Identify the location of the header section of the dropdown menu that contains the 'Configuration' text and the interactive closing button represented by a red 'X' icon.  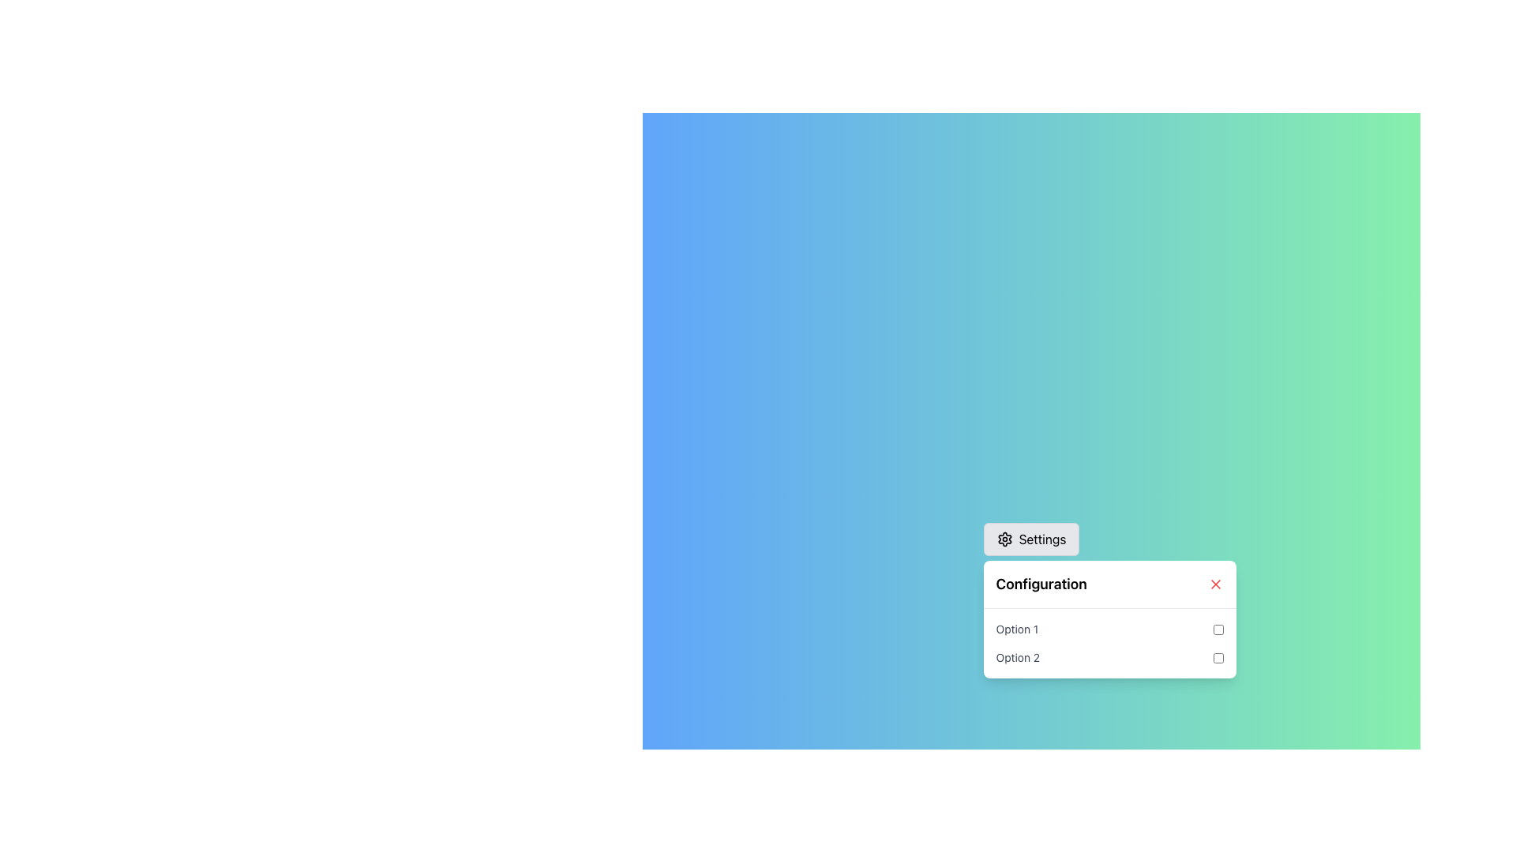
(1109, 584).